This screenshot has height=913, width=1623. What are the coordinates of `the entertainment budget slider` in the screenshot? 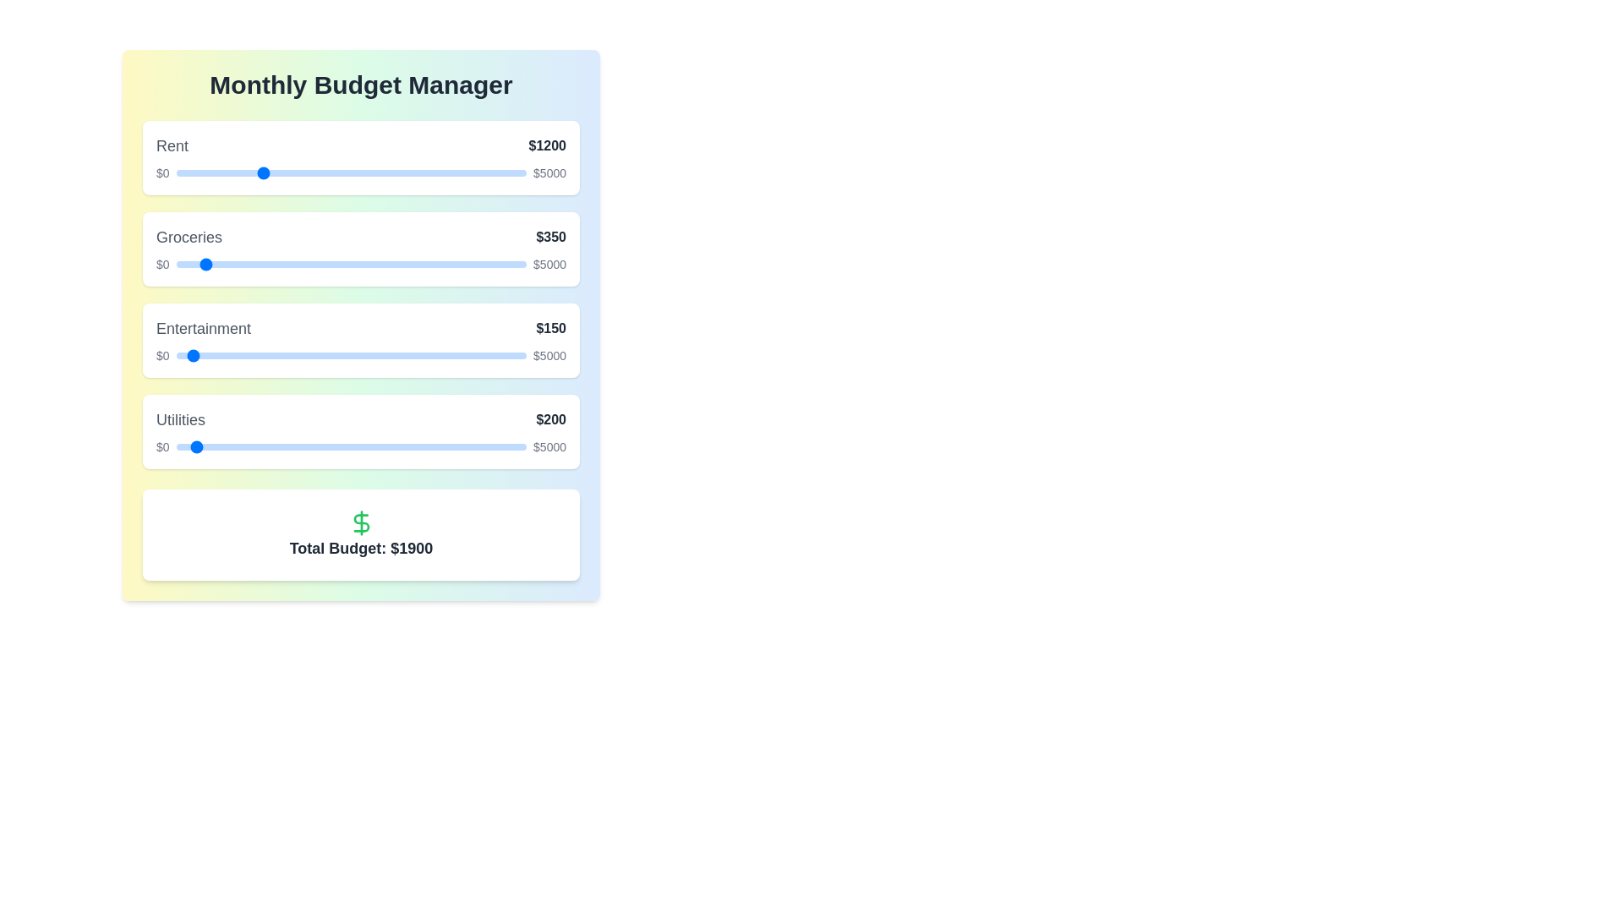 It's located at (504, 354).